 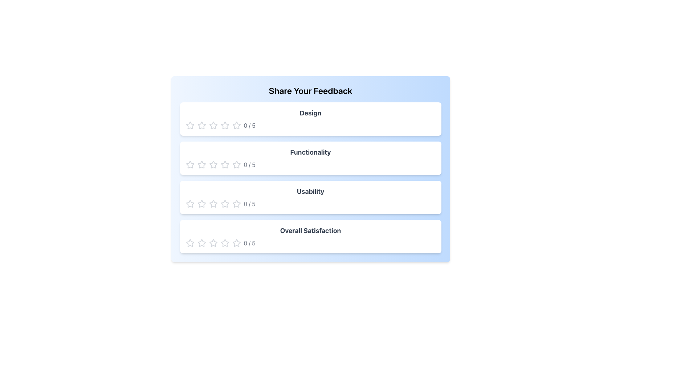 I want to click on the 'Functionality' label located in the second card of the feedback interface, which identifies the rating category and is centered horizontally with the rating stars and score display below, so click(x=310, y=152).